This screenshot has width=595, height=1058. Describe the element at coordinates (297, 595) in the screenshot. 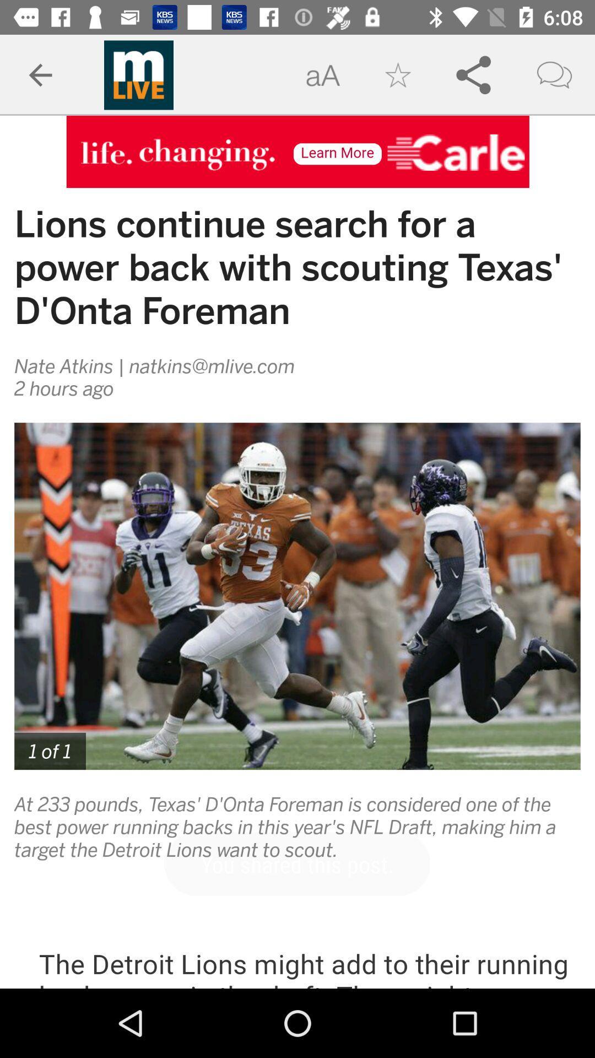

I see `the image` at that location.